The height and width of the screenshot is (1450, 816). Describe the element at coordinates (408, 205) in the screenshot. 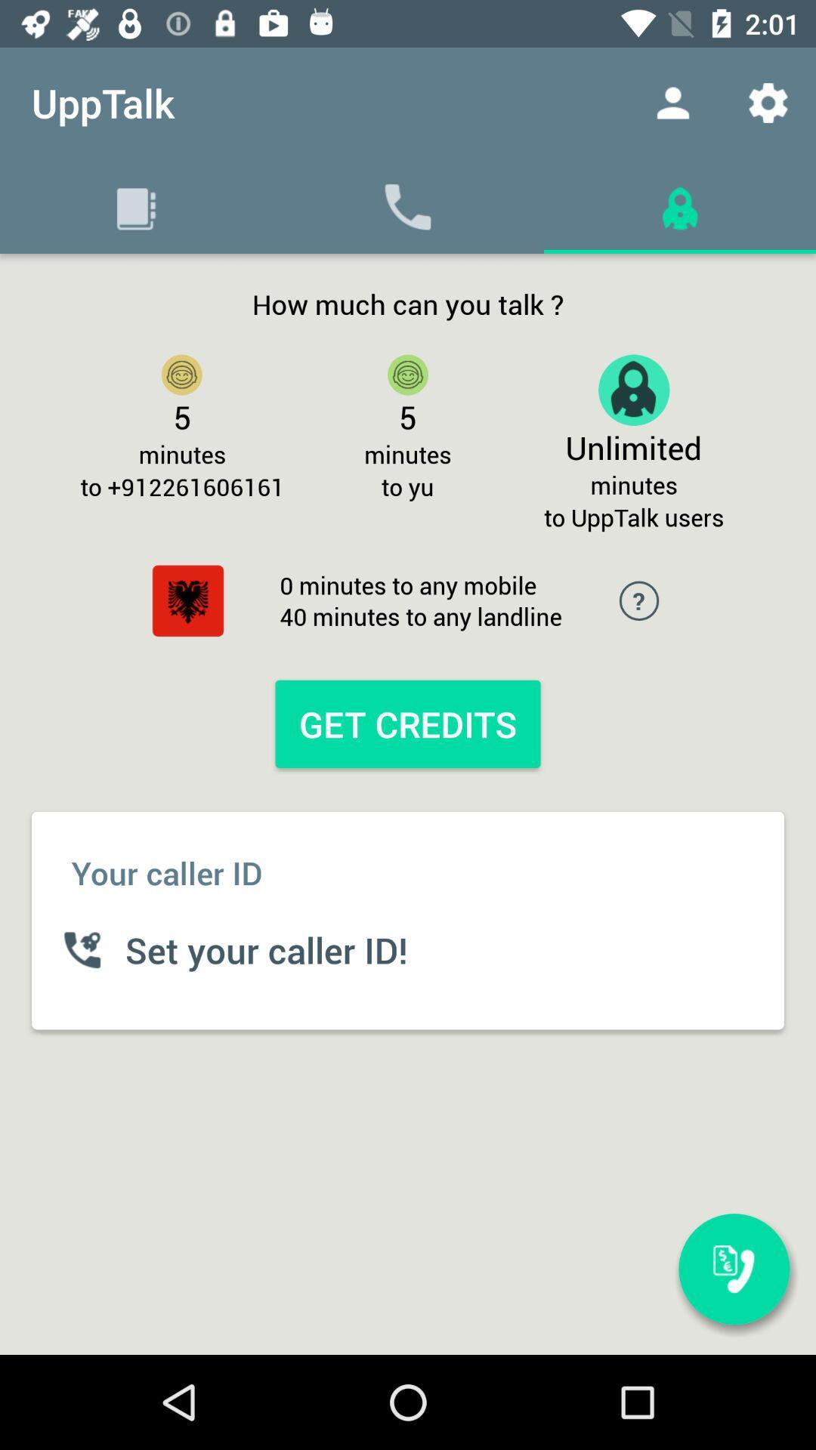

I see `phone icon` at that location.